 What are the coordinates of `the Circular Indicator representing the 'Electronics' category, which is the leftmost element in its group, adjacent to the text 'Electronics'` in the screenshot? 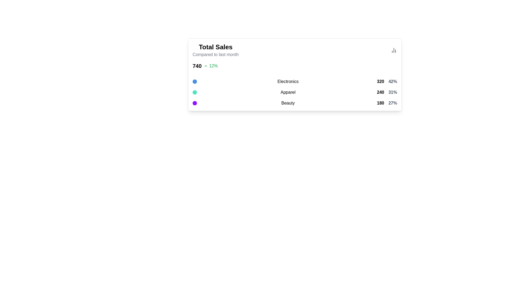 It's located at (194, 82).